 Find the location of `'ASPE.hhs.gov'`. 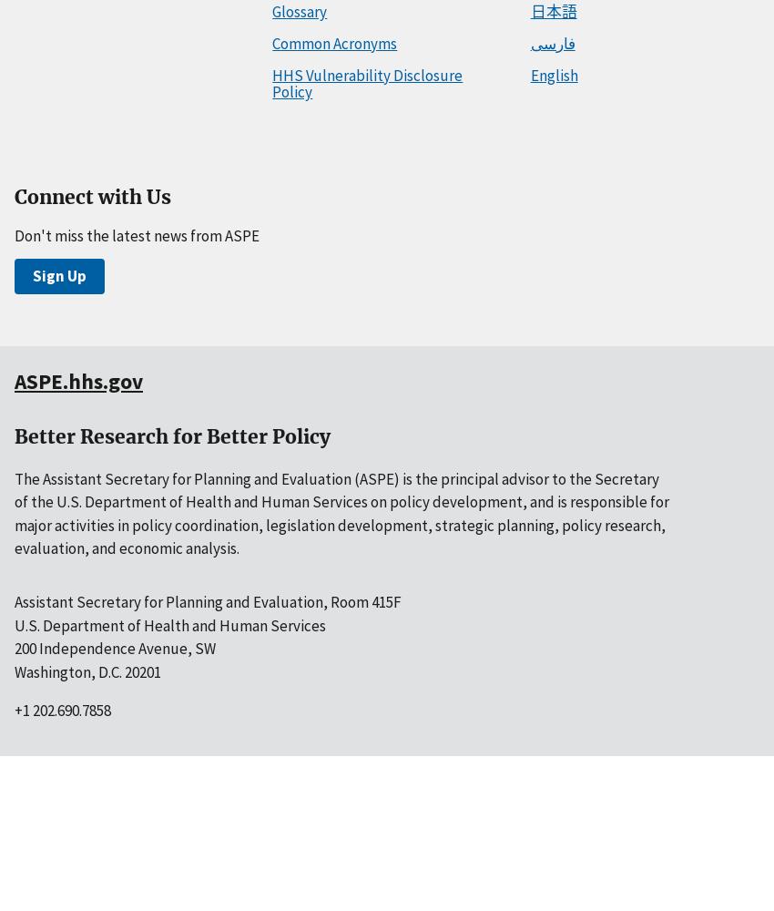

'ASPE.hhs.gov' is located at coordinates (77, 381).